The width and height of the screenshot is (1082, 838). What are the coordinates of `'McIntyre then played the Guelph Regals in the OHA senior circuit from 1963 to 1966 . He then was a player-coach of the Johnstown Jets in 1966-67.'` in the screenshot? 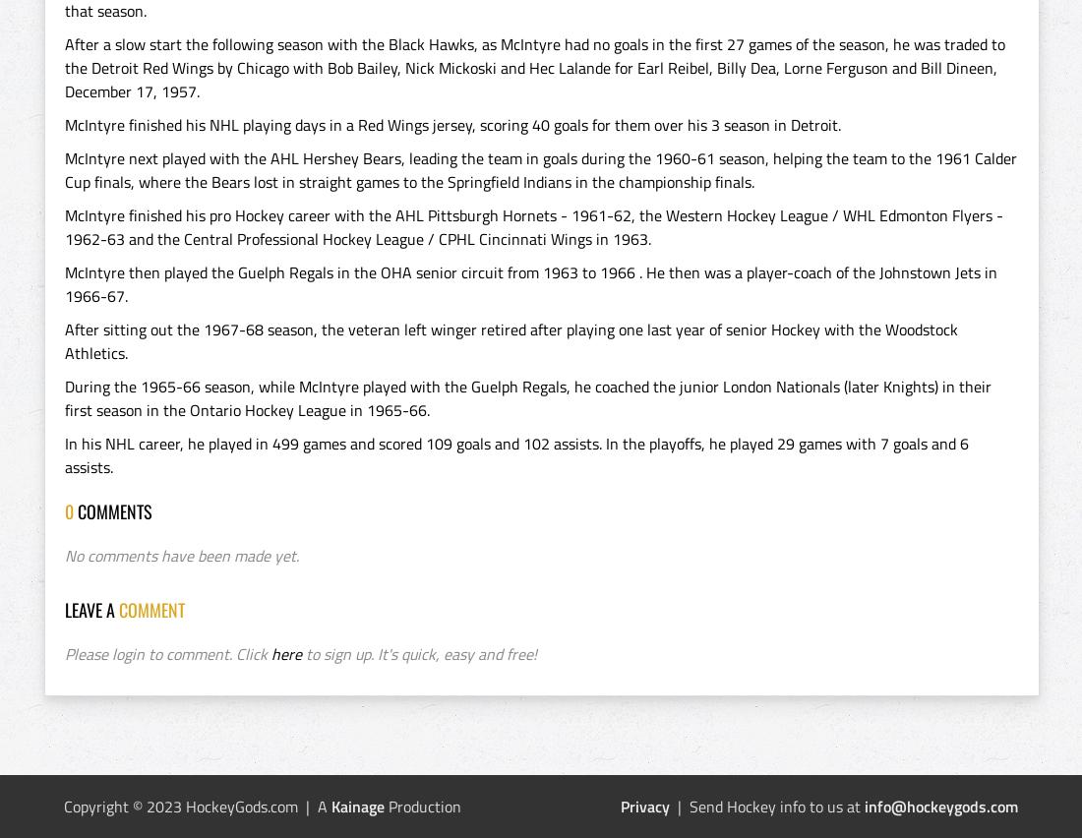 It's located at (530, 282).